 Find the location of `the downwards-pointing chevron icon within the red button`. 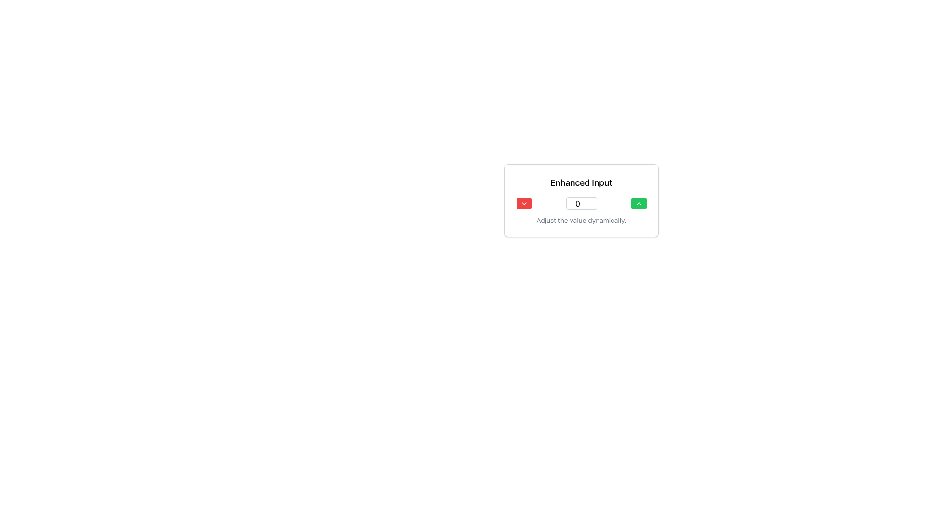

the downwards-pointing chevron icon within the red button is located at coordinates (523, 203).